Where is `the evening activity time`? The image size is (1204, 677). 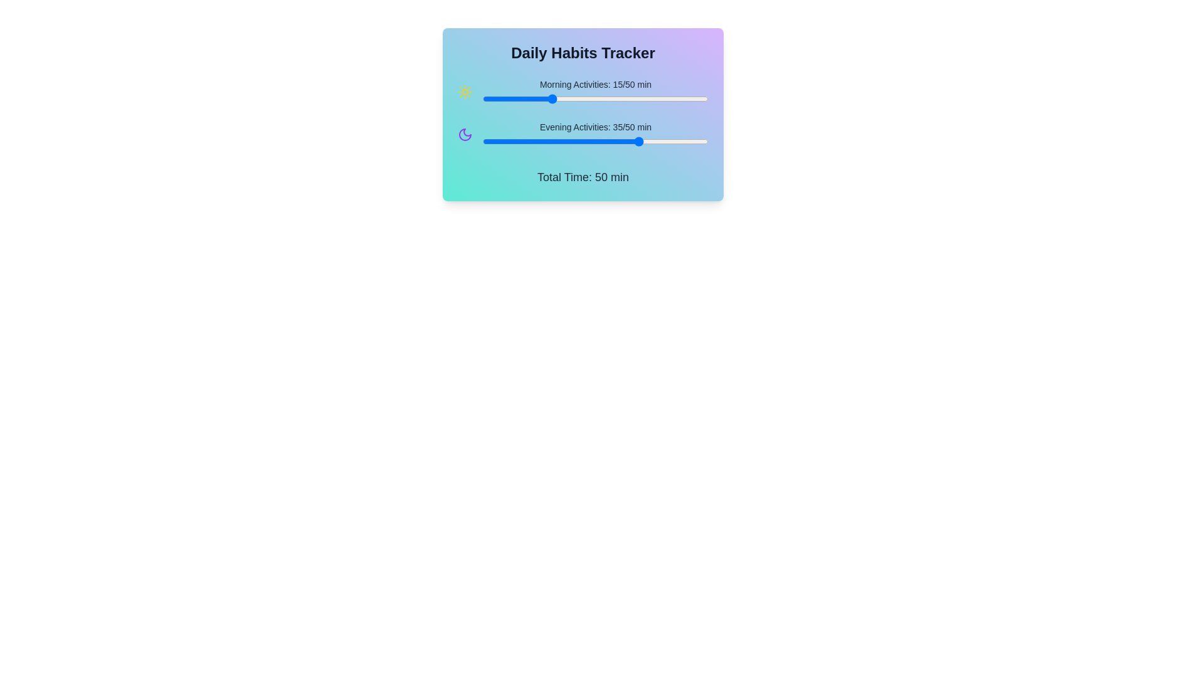 the evening activity time is located at coordinates (519, 141).